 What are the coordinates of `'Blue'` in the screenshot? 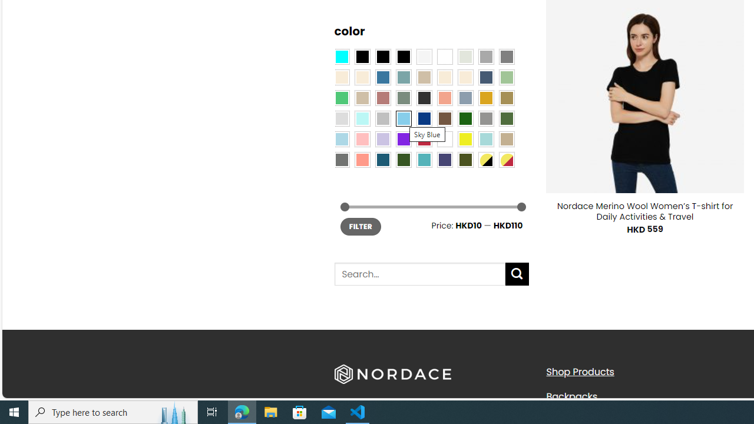 It's located at (383, 77).